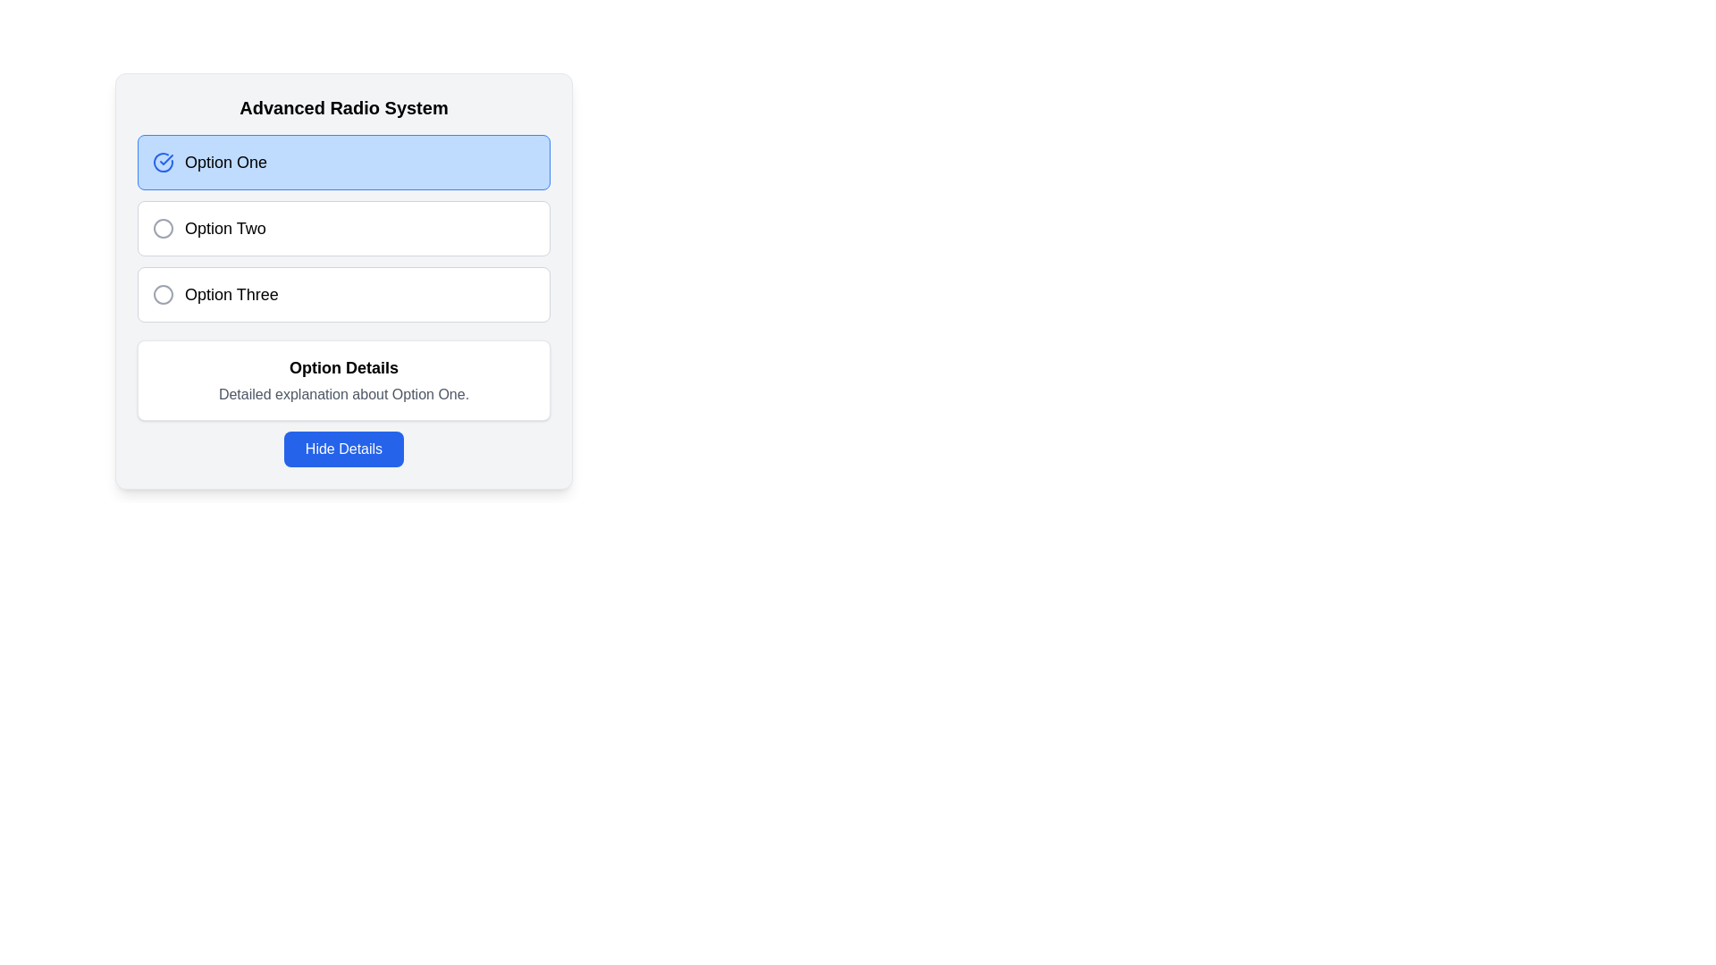 This screenshot has height=965, width=1716. I want to click on the radio button indicator for 'Option Three', so click(163, 294).